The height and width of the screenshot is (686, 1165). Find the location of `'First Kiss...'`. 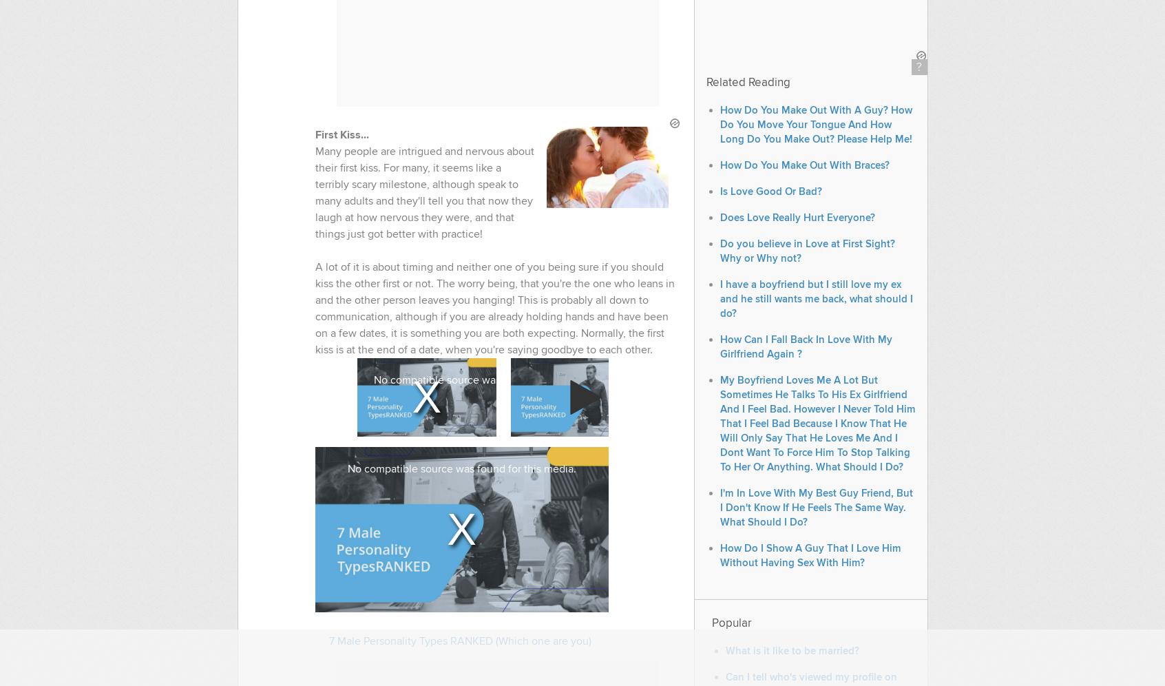

'First Kiss...' is located at coordinates (341, 135).